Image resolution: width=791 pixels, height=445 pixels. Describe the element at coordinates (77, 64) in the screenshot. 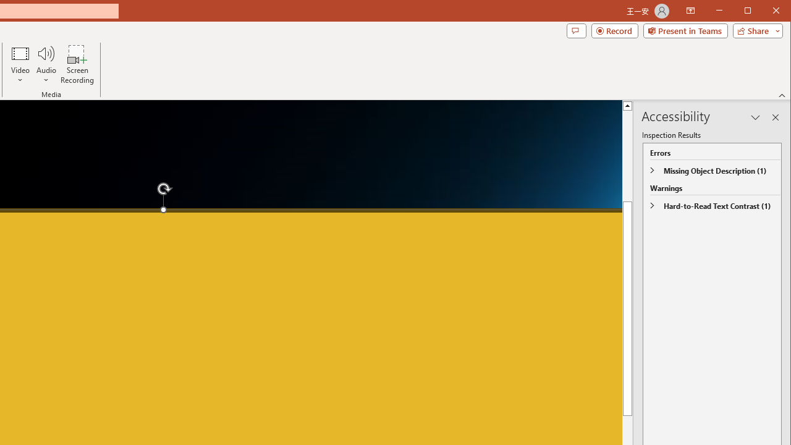

I see `'Screen Recording...'` at that location.